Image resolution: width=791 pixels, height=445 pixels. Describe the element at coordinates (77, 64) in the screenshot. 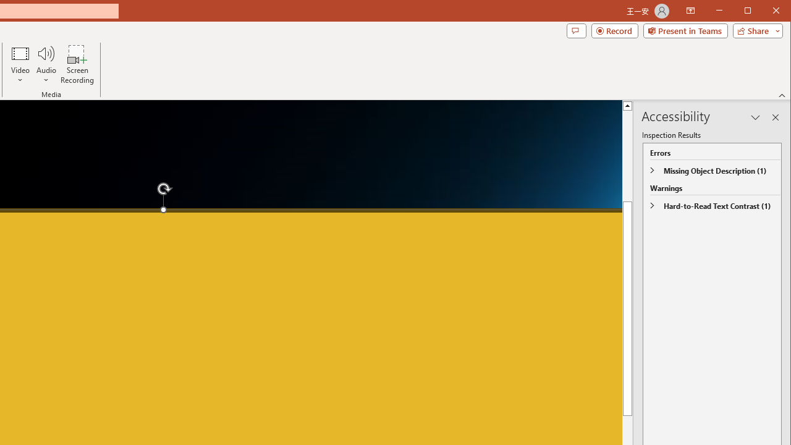

I see `'Screen Recording...'` at that location.